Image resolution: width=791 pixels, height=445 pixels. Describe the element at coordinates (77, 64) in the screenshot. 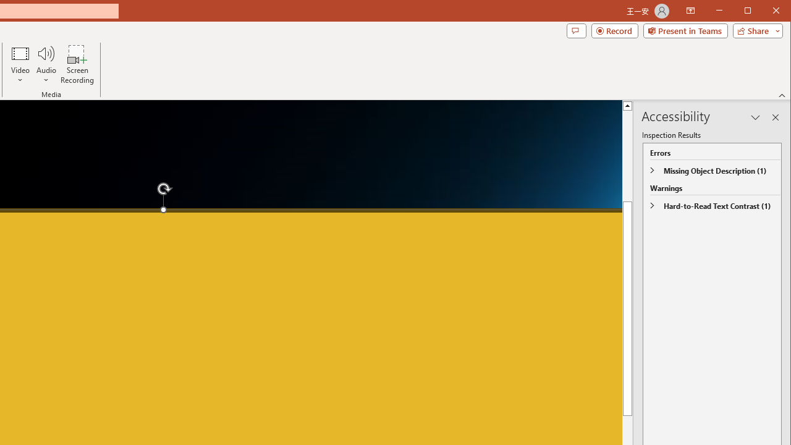

I see `'Screen Recording...'` at that location.